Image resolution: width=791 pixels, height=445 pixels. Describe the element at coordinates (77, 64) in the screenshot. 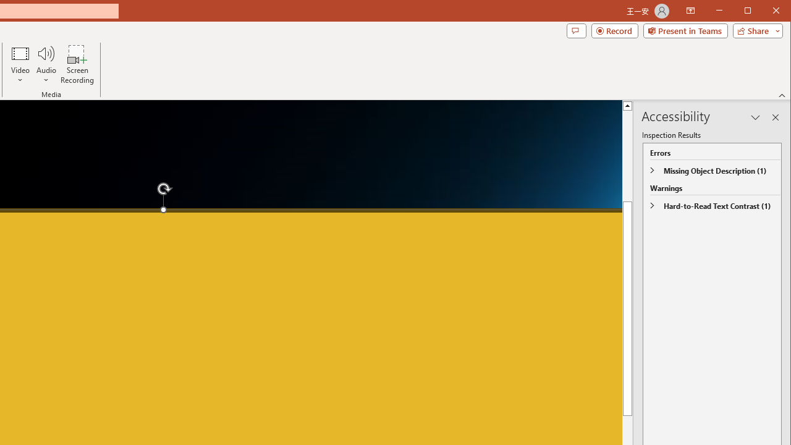

I see `'Screen Recording...'` at that location.